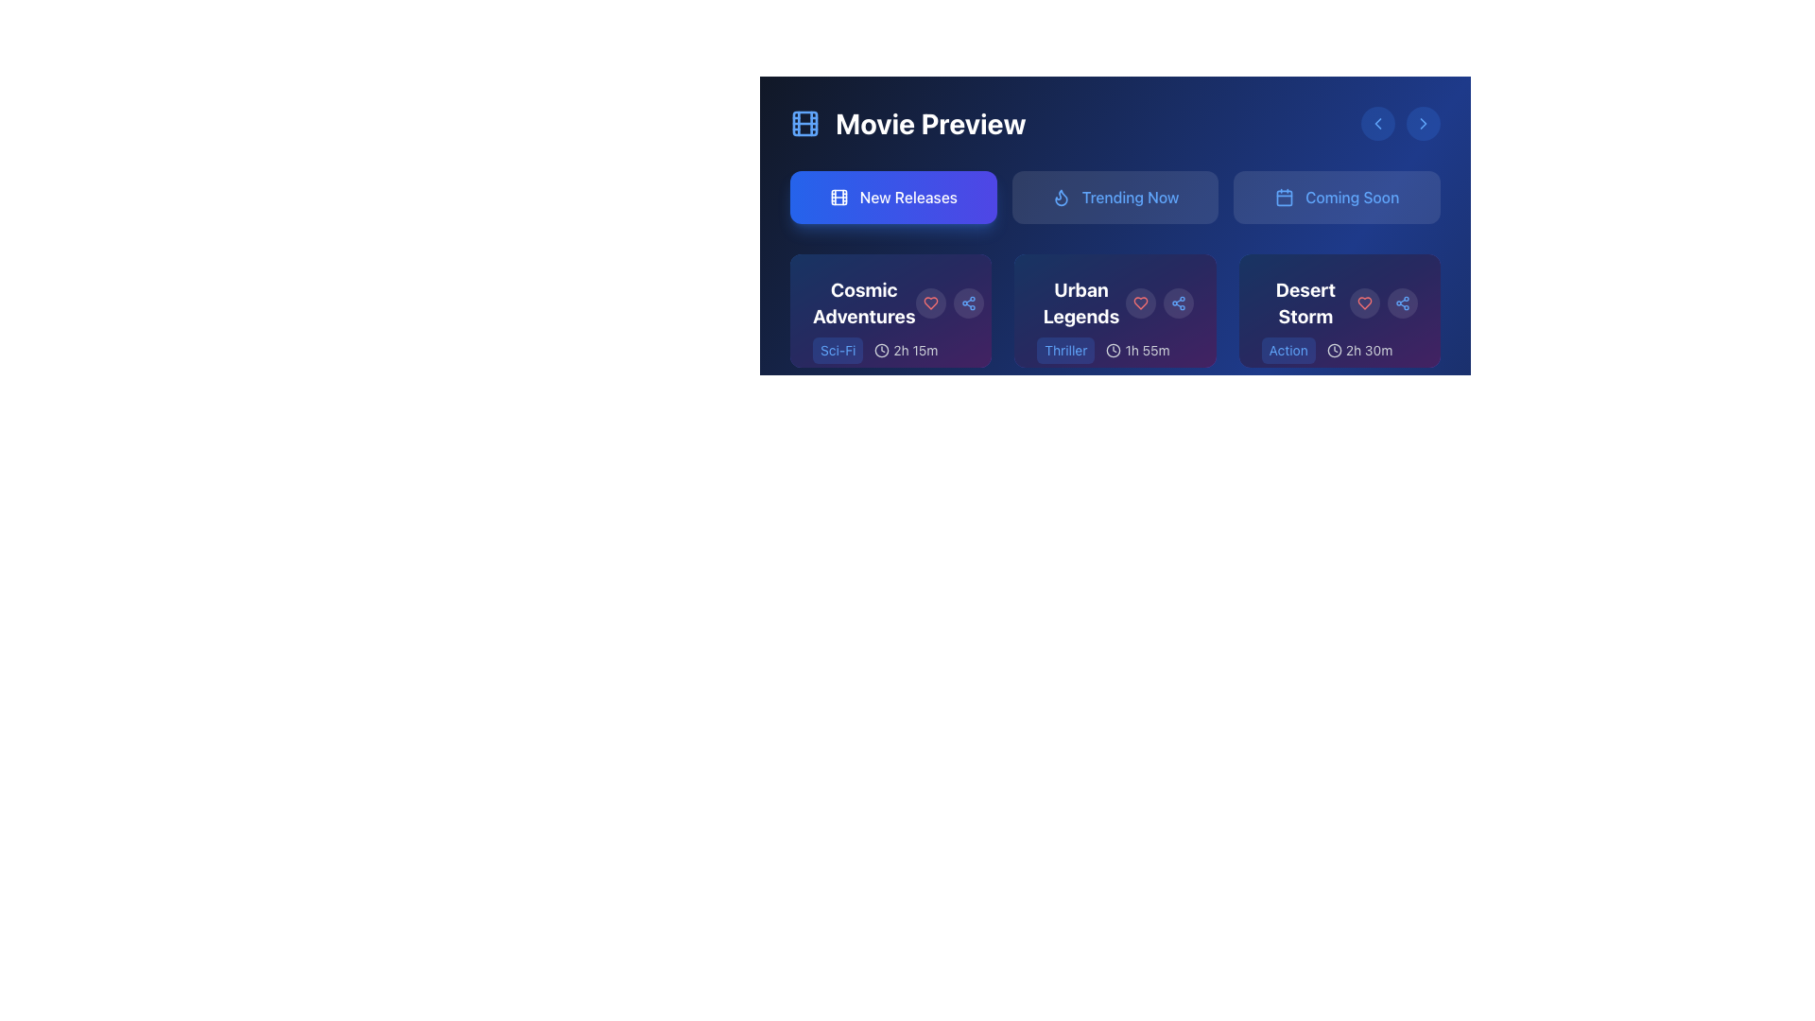 This screenshot has width=1815, height=1021. Describe the element at coordinates (1378, 124) in the screenshot. I see `the left-pointing chevron icon with a blue stroke located in the upper-right area of the interface` at that location.